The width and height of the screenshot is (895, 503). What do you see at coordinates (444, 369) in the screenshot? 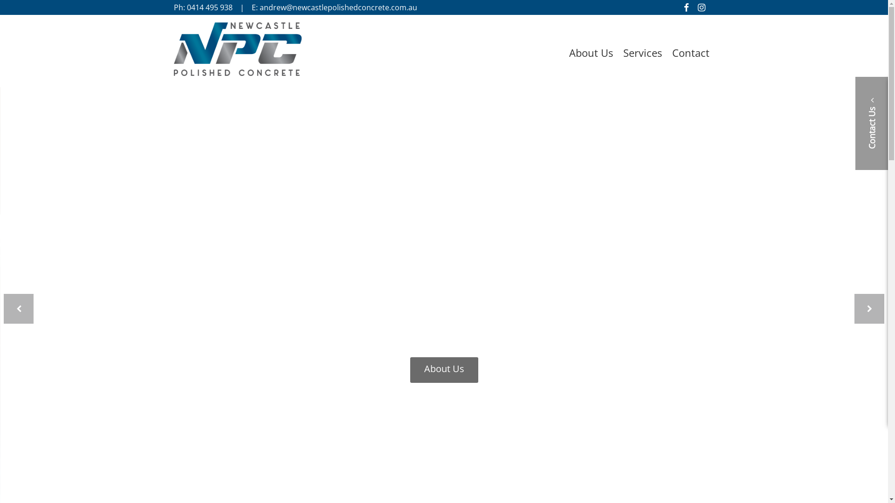
I see `'About Us'` at bounding box center [444, 369].